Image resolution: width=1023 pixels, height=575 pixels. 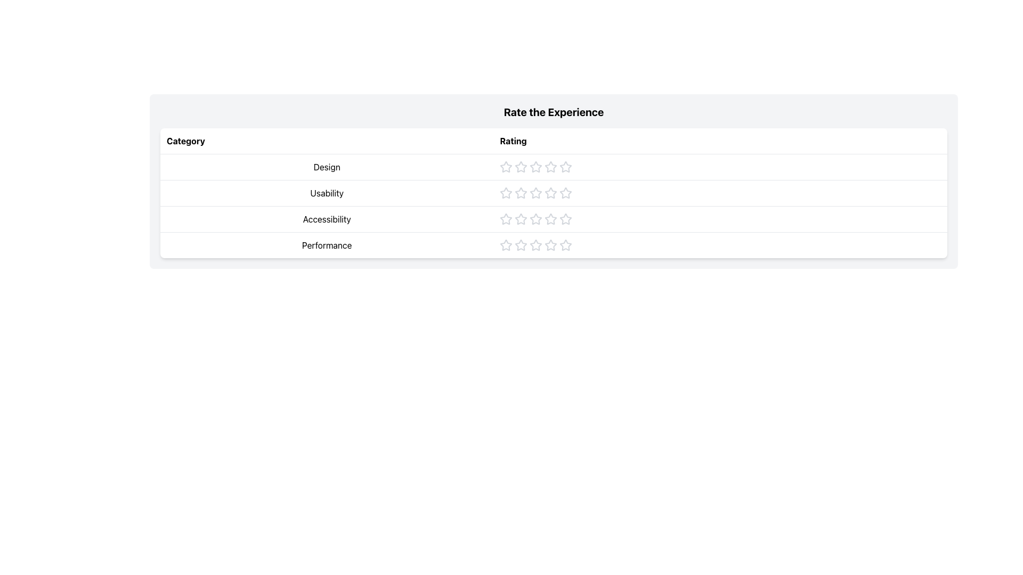 What do you see at coordinates (326, 193) in the screenshot?
I see `the text label 'Usability' which is prominently displayed in a medium-sized font within a bordered row, located in the second row under the 'Category' column, between 'Design' and 'Accessibility'` at bounding box center [326, 193].